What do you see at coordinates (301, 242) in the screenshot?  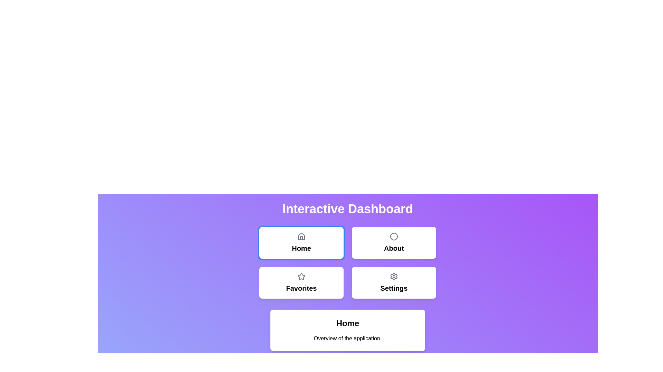 I see `the Home button to select it` at bounding box center [301, 242].